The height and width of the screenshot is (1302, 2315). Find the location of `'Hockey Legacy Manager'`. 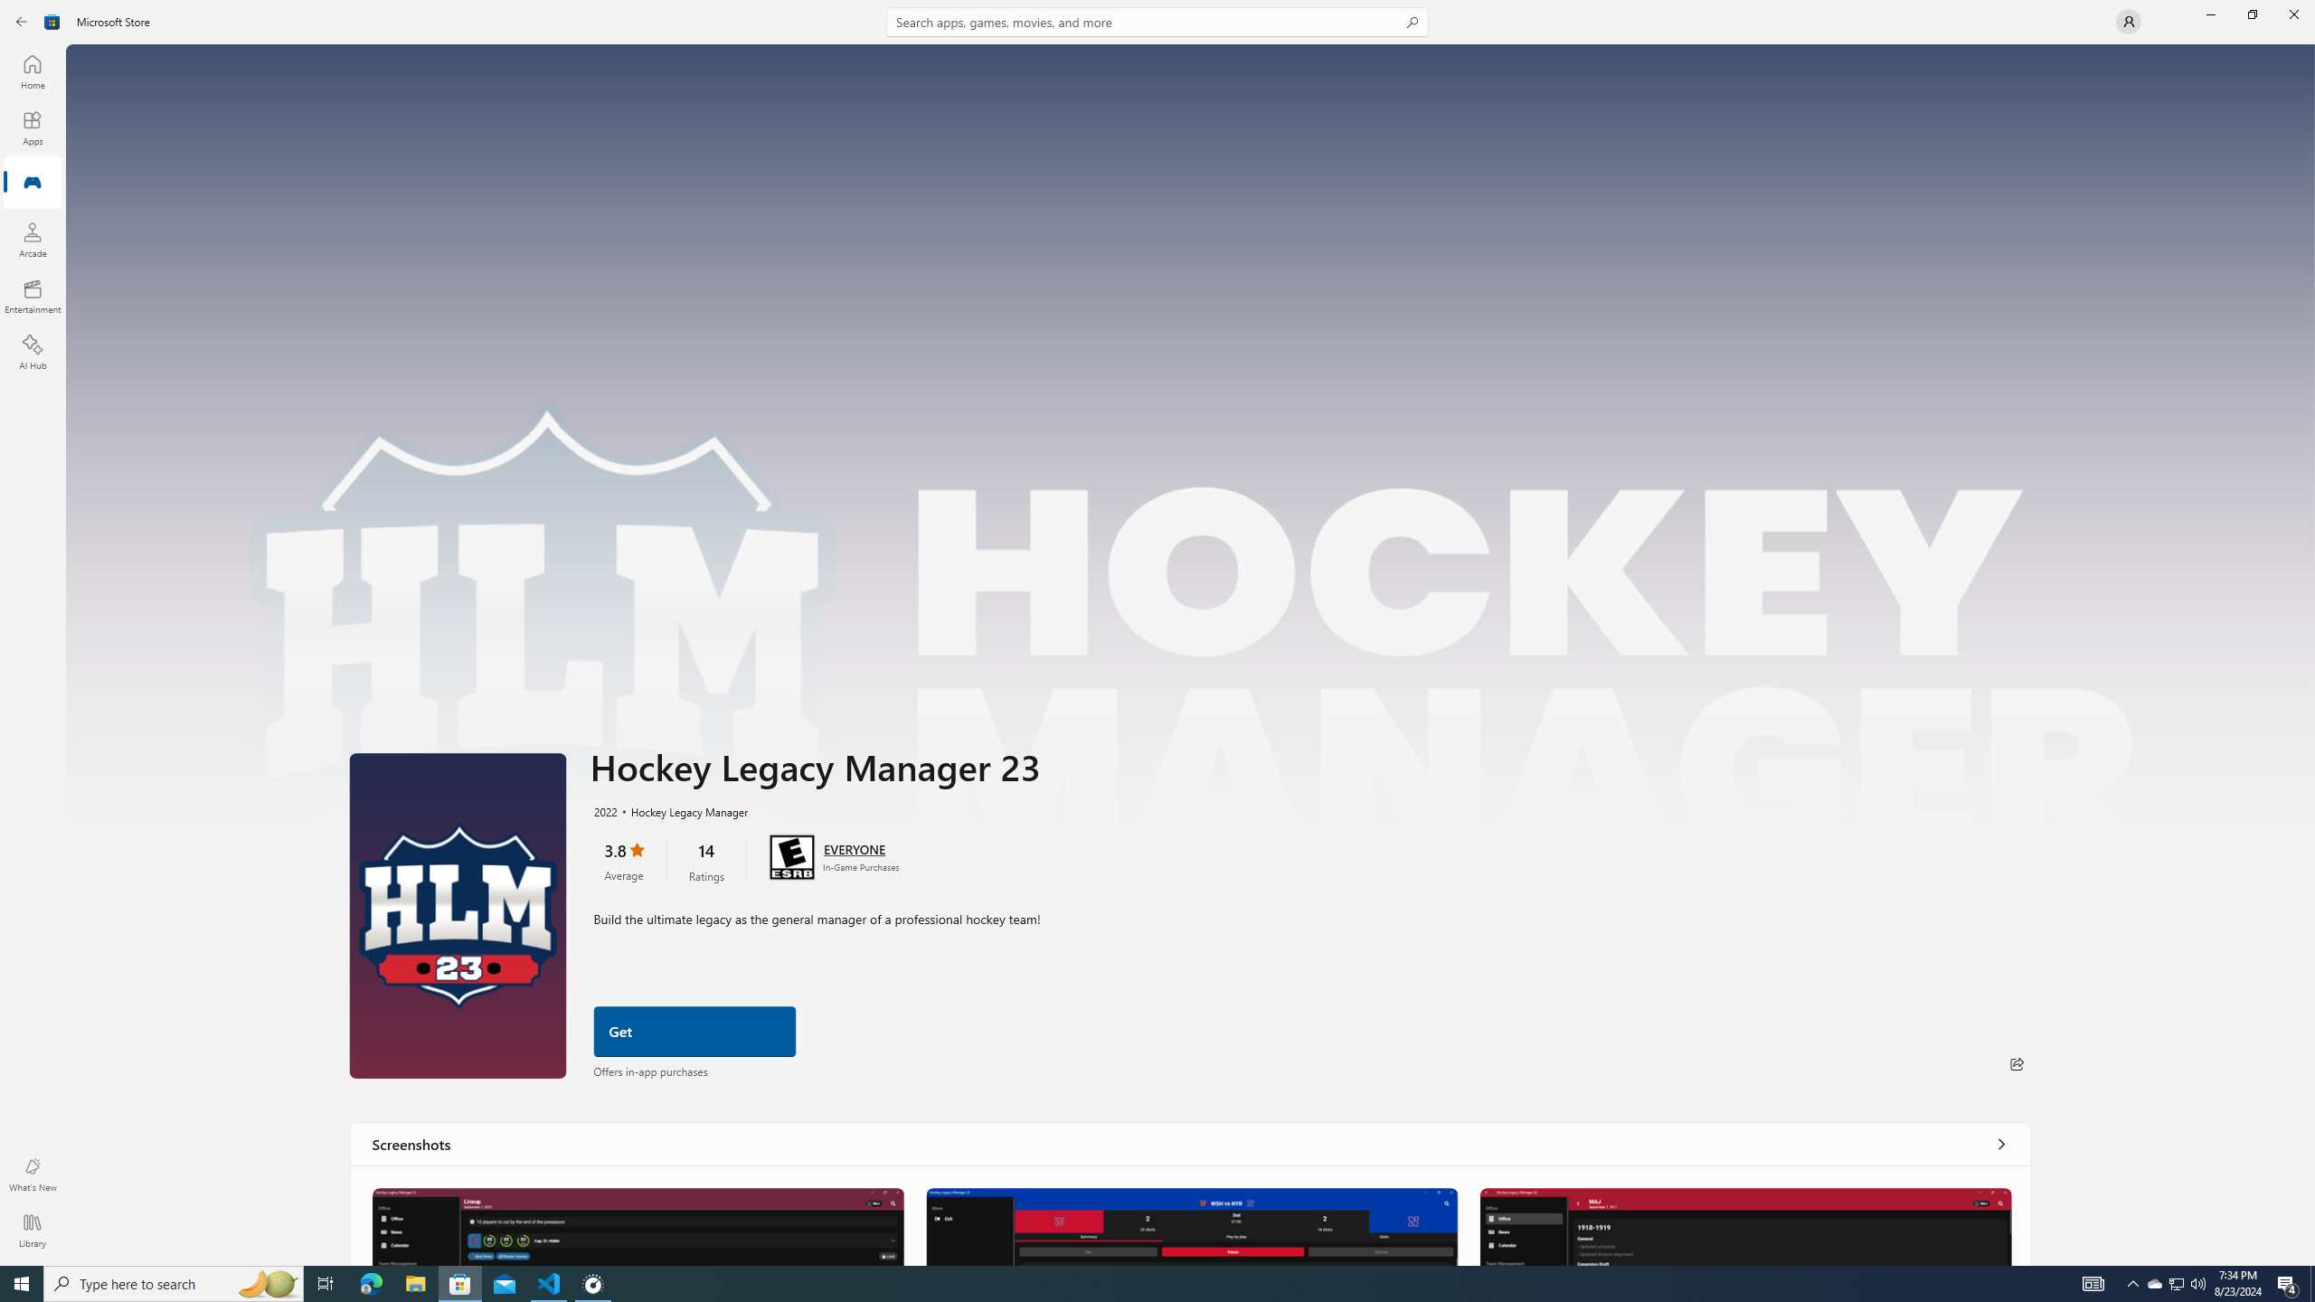

'Hockey Legacy Manager' is located at coordinates (681, 810).